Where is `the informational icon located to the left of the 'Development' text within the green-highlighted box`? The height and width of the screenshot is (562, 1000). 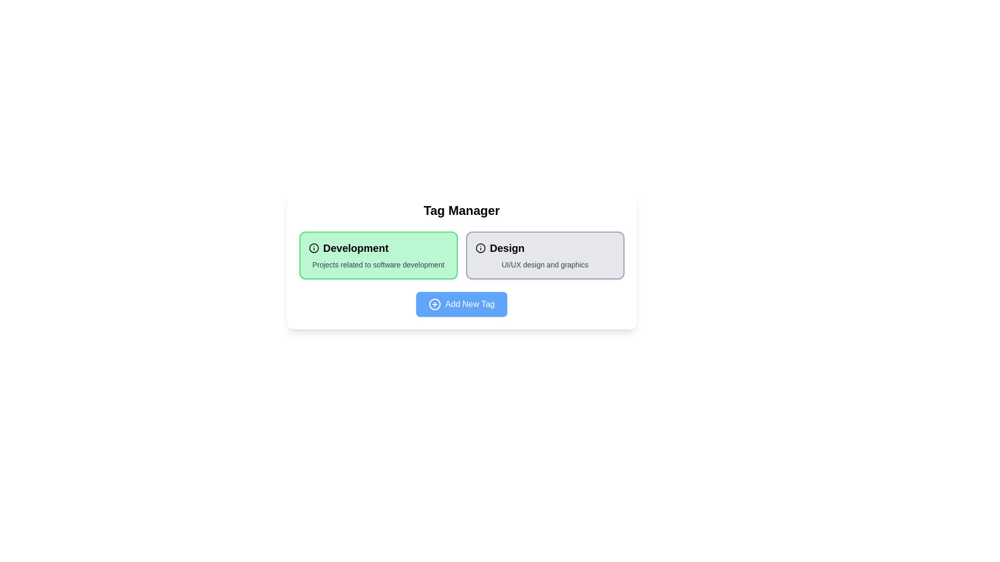
the informational icon located to the left of the 'Development' text within the green-highlighted box is located at coordinates (313, 248).